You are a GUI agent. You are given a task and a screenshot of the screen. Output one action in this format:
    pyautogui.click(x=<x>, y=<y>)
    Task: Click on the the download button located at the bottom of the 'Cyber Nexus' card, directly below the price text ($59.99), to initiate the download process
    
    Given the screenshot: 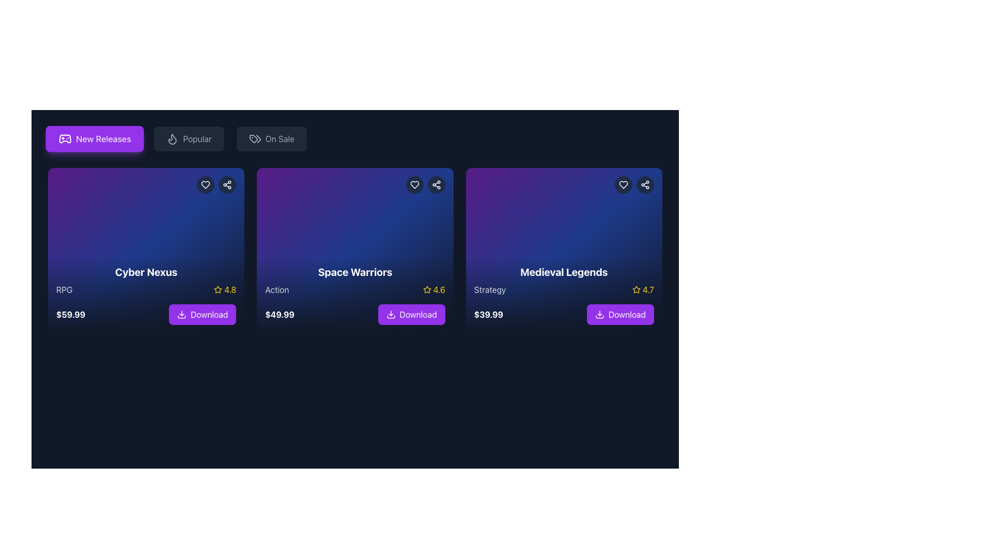 What is the action you would take?
    pyautogui.click(x=203, y=314)
    